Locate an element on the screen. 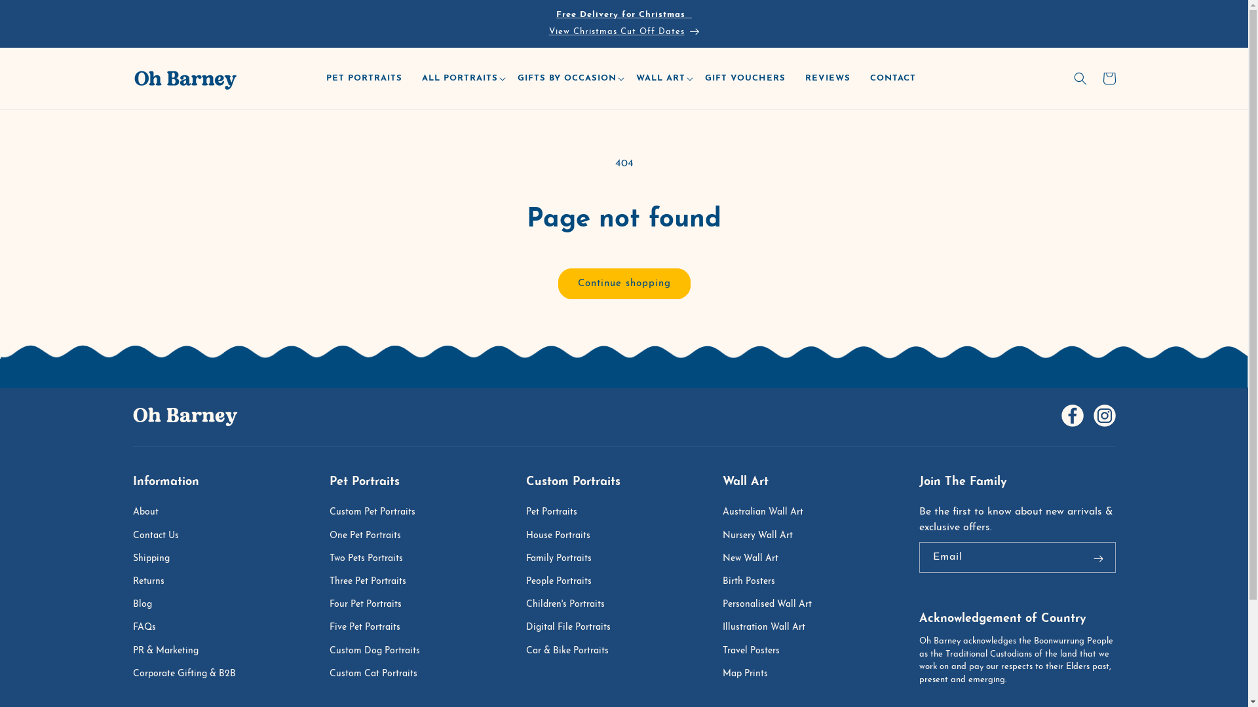 Image resolution: width=1258 pixels, height=707 pixels. 'Birth Posters' is located at coordinates (755, 581).